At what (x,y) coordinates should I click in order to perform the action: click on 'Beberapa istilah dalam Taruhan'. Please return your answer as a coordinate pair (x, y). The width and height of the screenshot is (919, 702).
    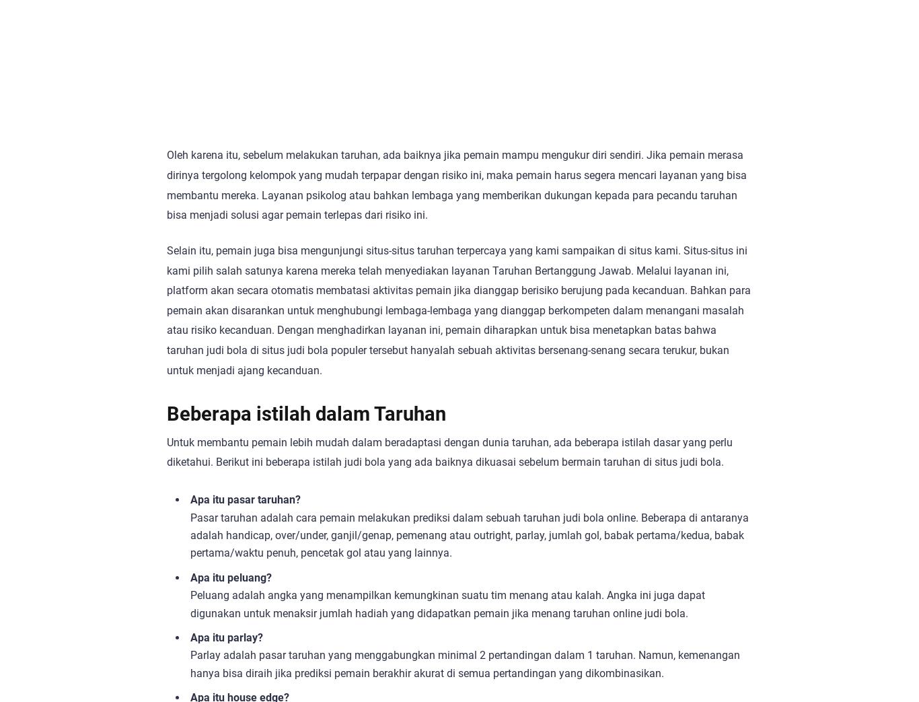
    Looking at the image, I should click on (305, 413).